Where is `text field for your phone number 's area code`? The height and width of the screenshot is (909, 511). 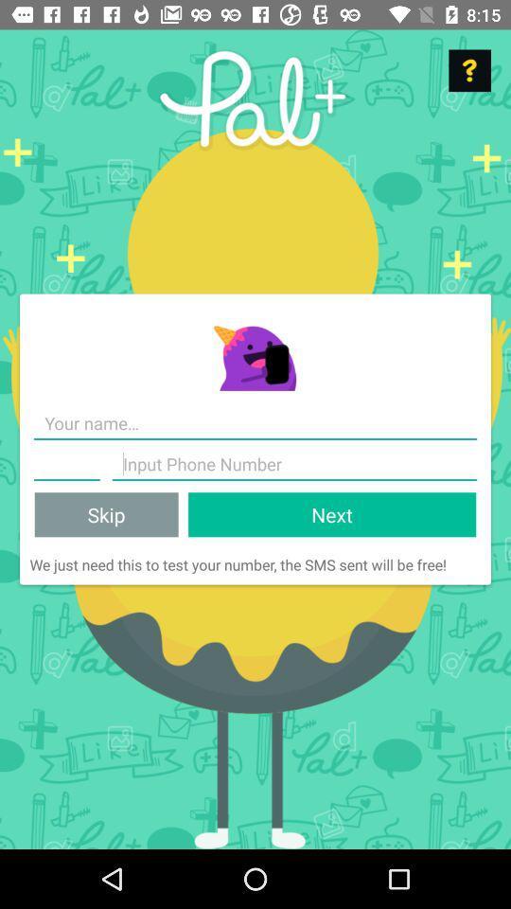
text field for your phone number 's area code is located at coordinates (65, 463).